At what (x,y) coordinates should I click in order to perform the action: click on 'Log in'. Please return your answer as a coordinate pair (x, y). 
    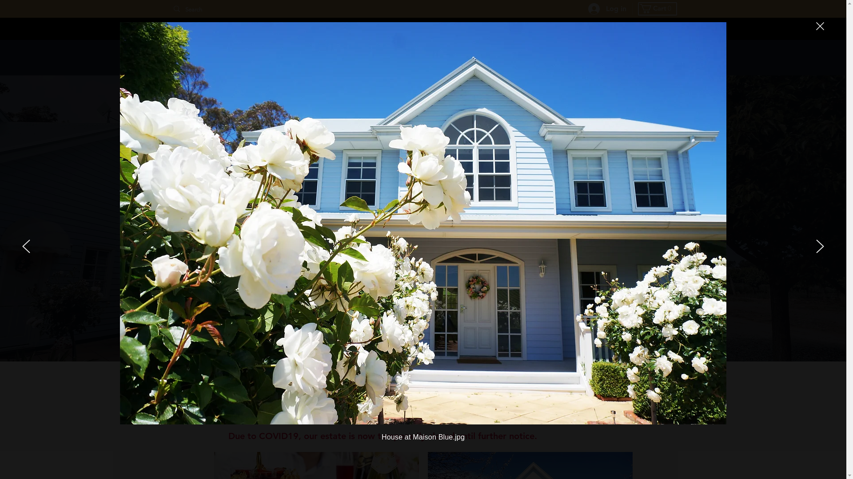
    Looking at the image, I should click on (582, 8).